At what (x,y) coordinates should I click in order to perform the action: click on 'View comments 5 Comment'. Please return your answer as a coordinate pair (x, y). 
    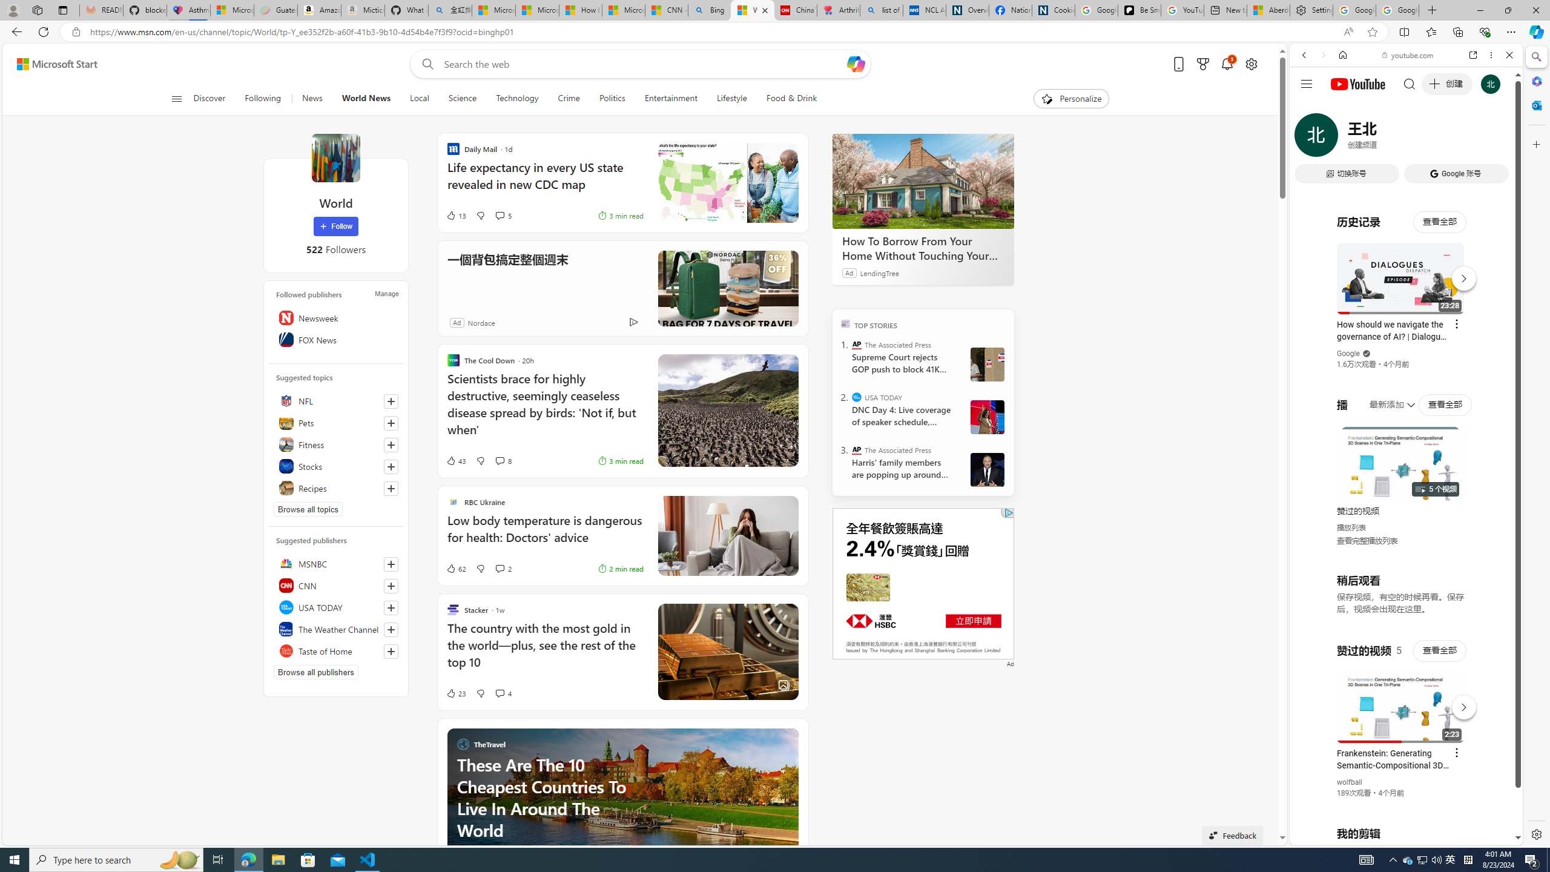
    Looking at the image, I should click on (502, 216).